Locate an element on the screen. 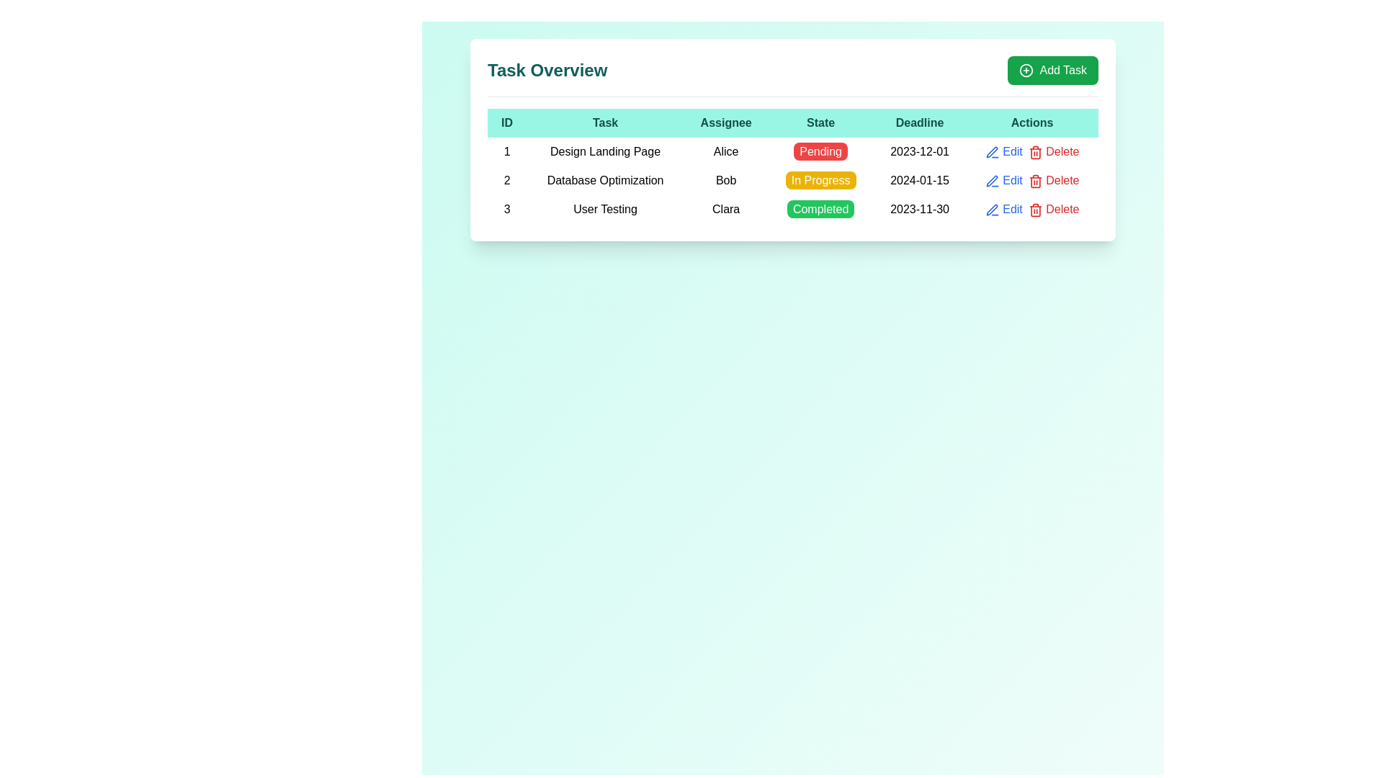  the add task icon located to the left of the 'Add Task' text within the green button at the top-right corner of the interface is located at coordinates (1026, 70).